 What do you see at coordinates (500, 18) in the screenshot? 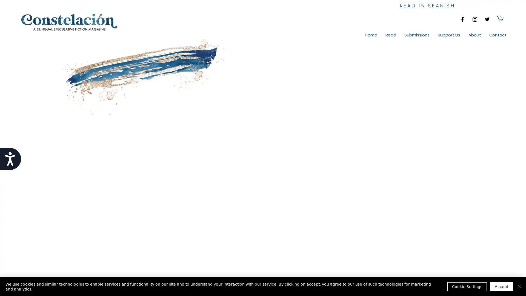
I see `Cart with 0 items` at bounding box center [500, 18].